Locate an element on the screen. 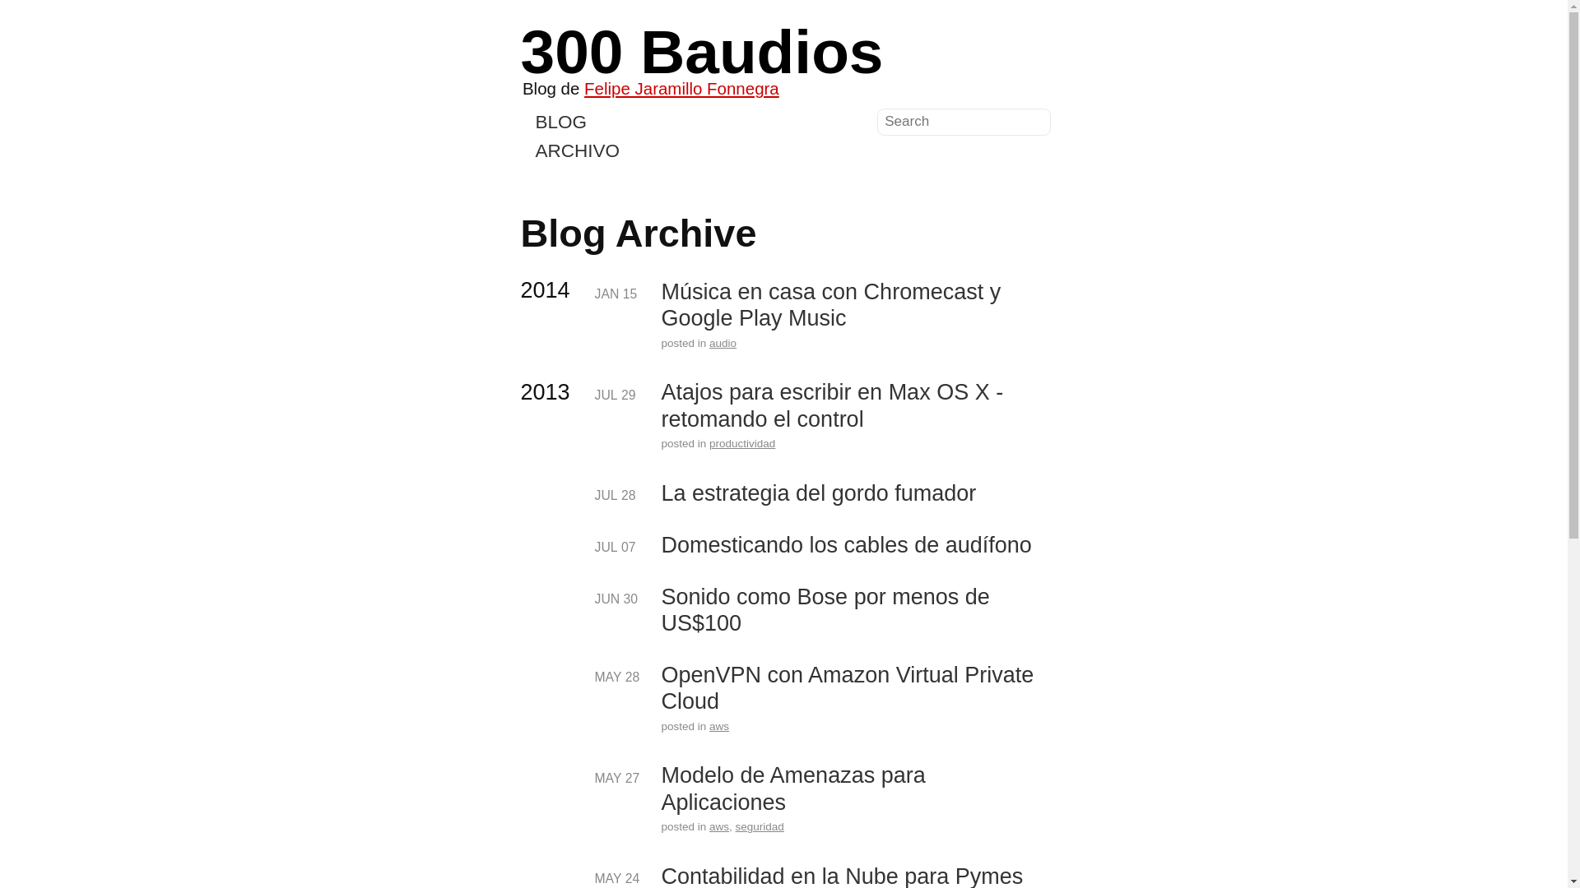 Image resolution: width=1580 pixels, height=888 pixels. '300 Baudios' is located at coordinates (701, 50).